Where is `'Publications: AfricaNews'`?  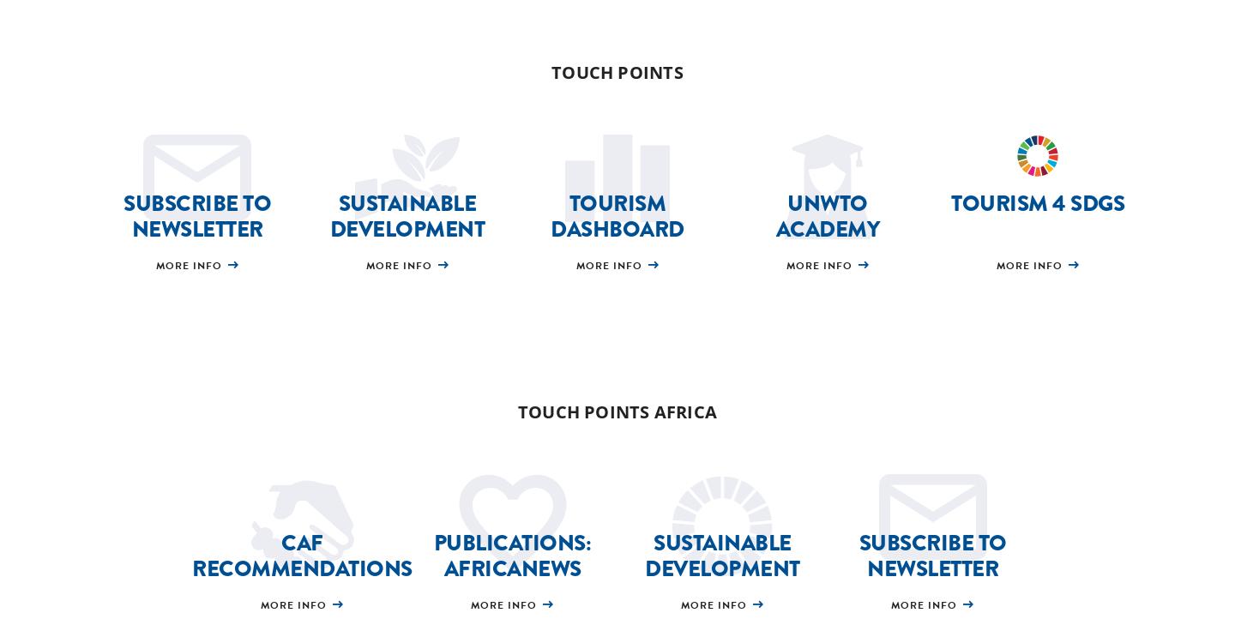 'Publications: AfricaNews' is located at coordinates (512, 555).